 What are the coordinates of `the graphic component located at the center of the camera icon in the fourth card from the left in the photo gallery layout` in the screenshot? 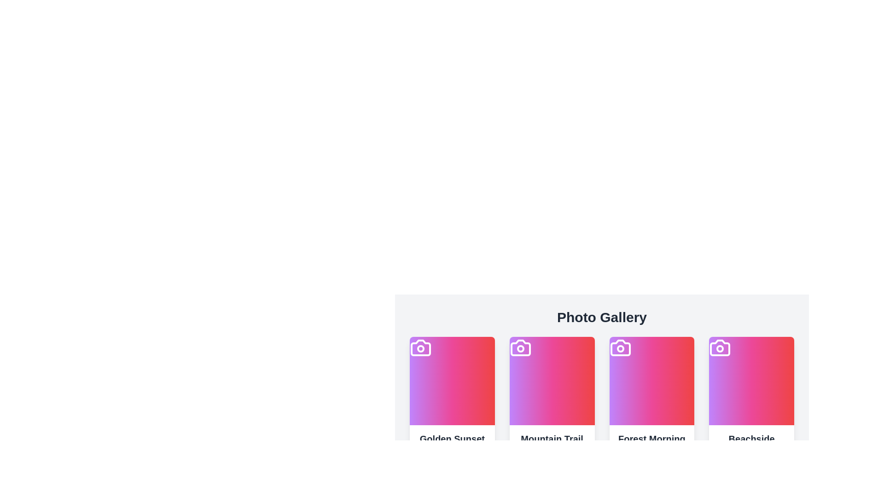 It's located at (720, 349).